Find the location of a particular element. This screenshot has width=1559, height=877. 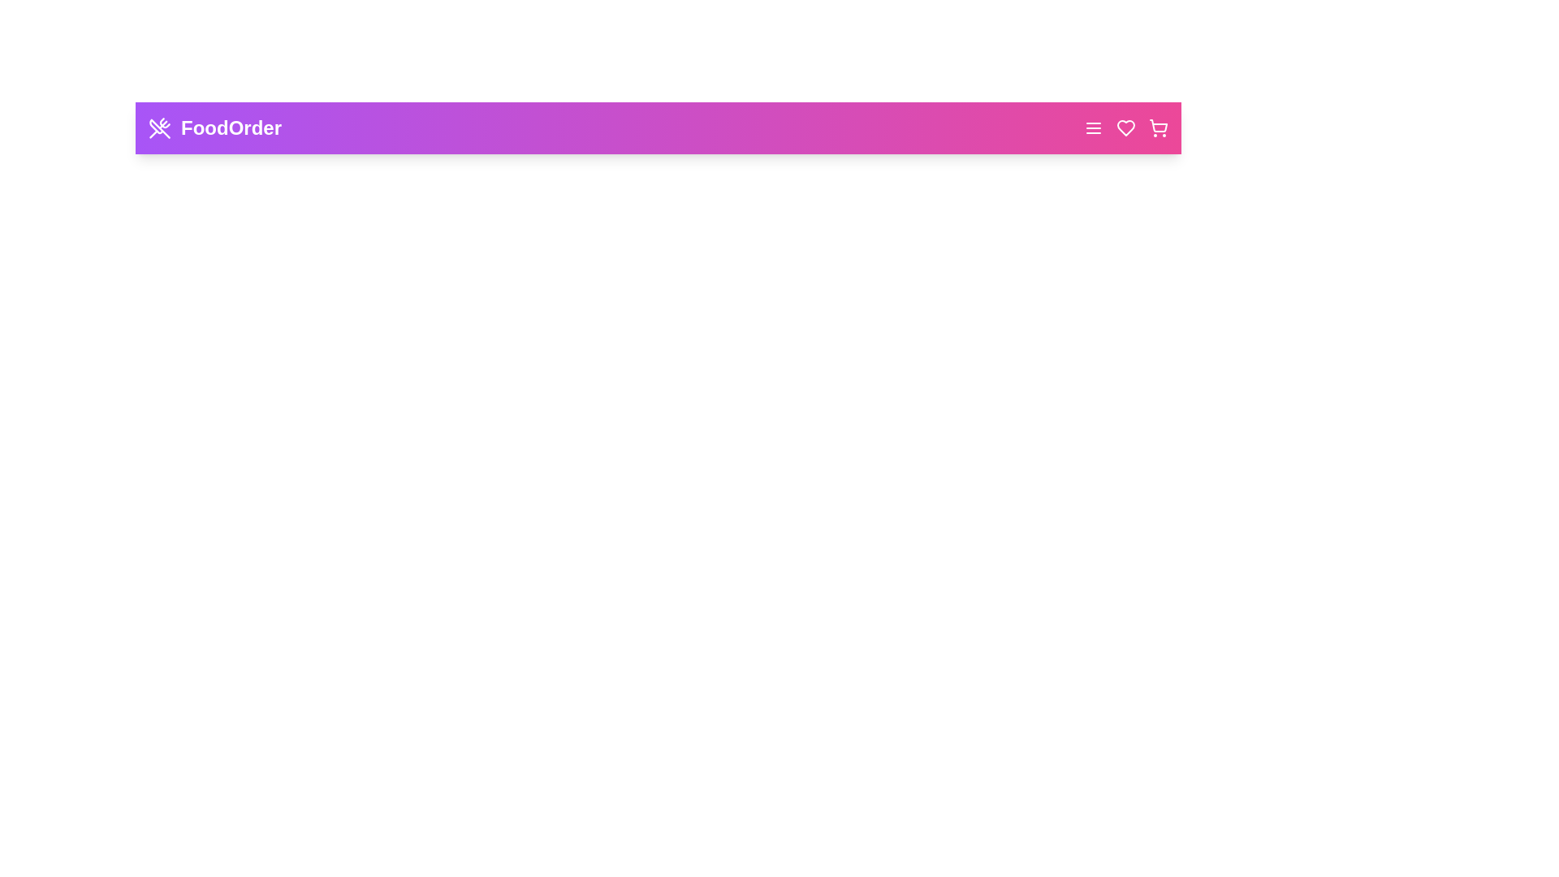

the 'Favorites' button to view favorite items is located at coordinates (1125, 127).